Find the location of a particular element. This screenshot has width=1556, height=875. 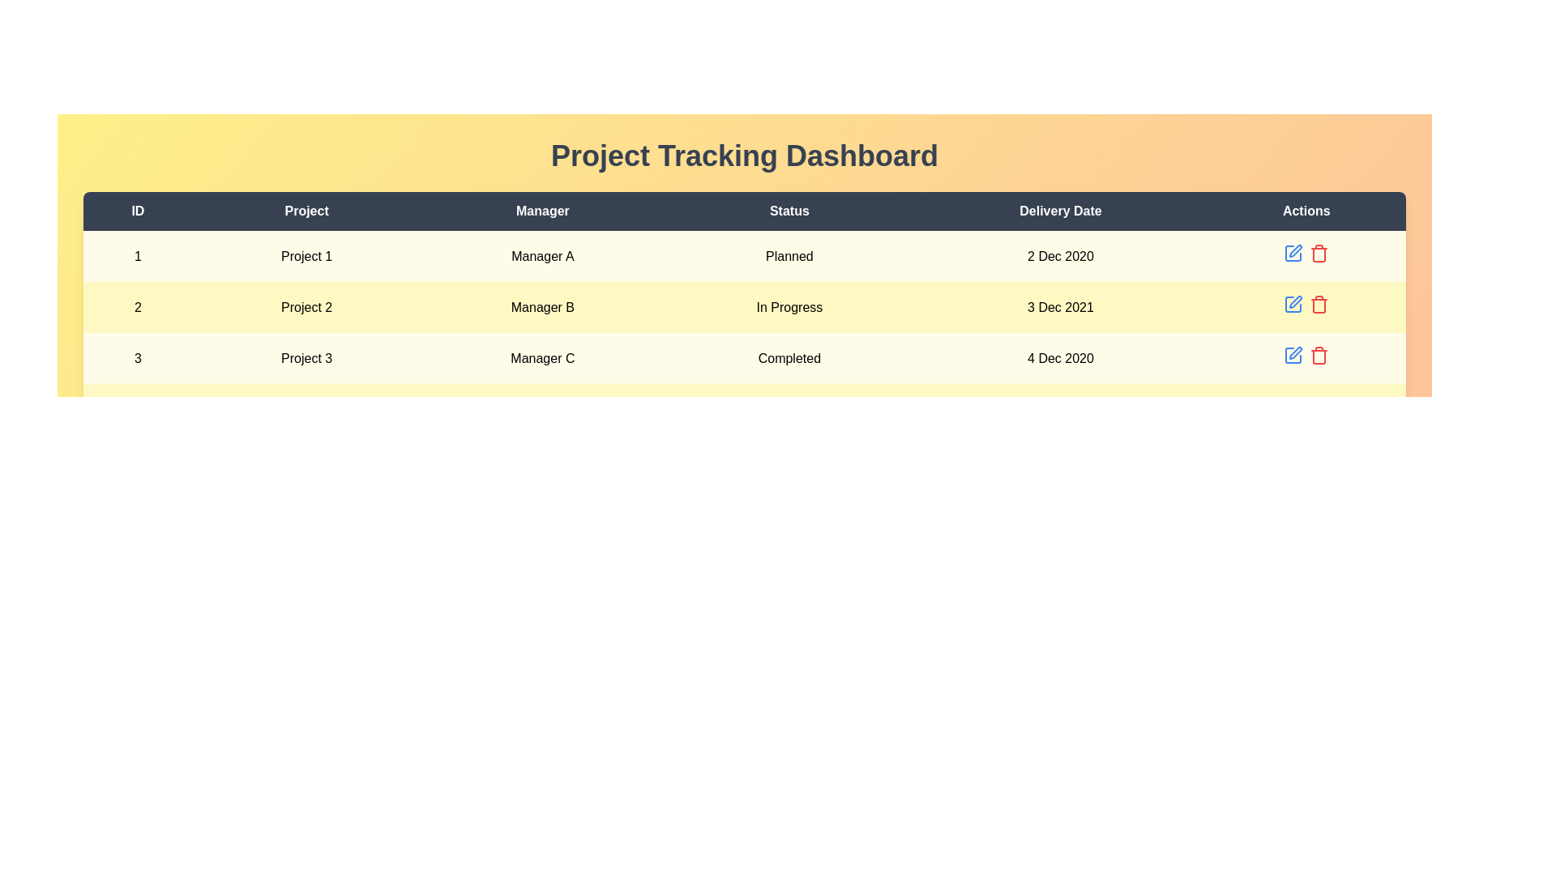

the row corresponding to 1 is located at coordinates (743, 255).